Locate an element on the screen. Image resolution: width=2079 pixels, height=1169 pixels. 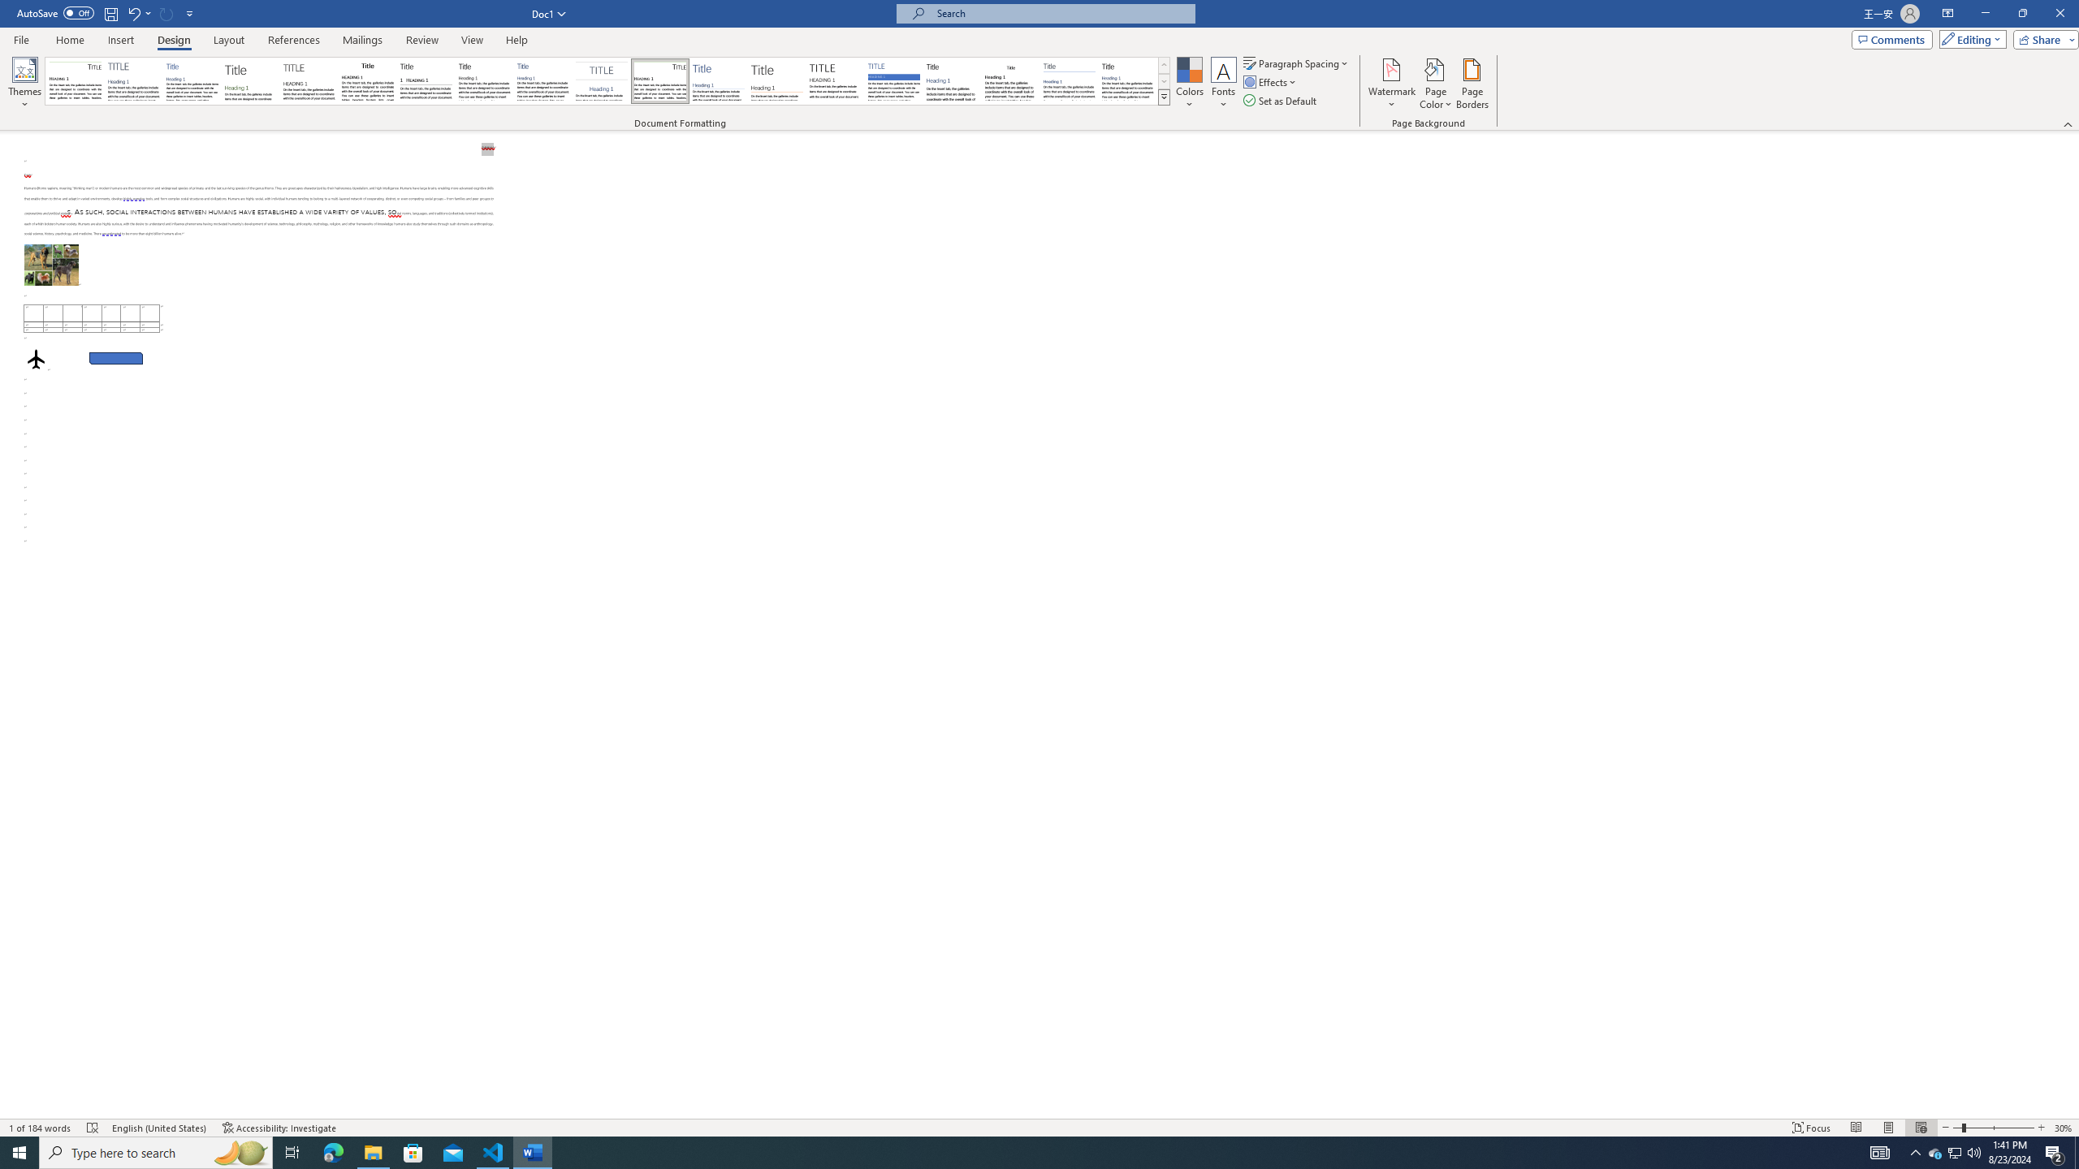
'Zoom 30%' is located at coordinates (2064, 1128).